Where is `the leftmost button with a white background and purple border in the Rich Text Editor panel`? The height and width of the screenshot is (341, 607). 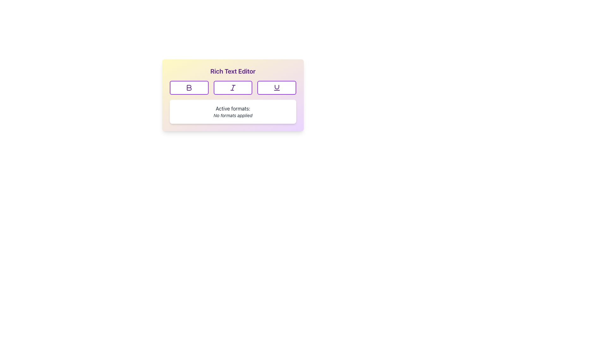
the leftmost button with a white background and purple border in the Rich Text Editor panel is located at coordinates (189, 87).